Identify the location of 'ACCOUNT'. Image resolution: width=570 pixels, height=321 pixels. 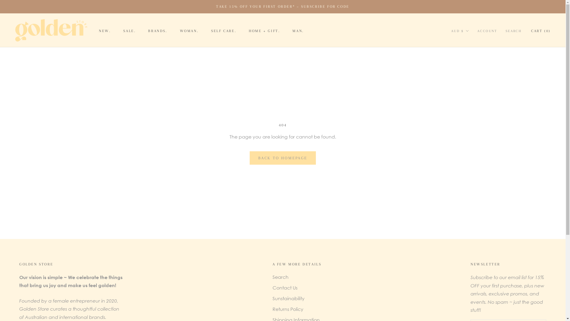
(487, 31).